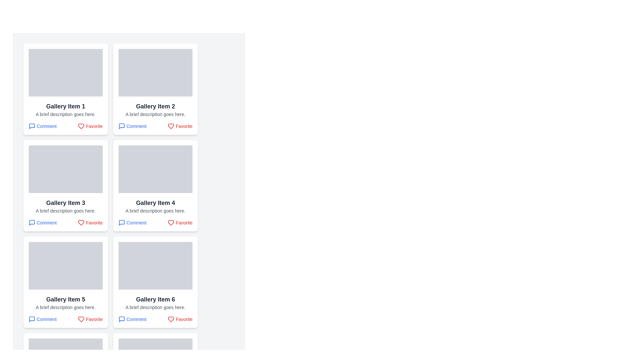 Image resolution: width=634 pixels, height=357 pixels. What do you see at coordinates (81, 223) in the screenshot?
I see `the heart icon representing the 'favorite' action for Gallery Item 3 to possibly display a tooltip` at bounding box center [81, 223].